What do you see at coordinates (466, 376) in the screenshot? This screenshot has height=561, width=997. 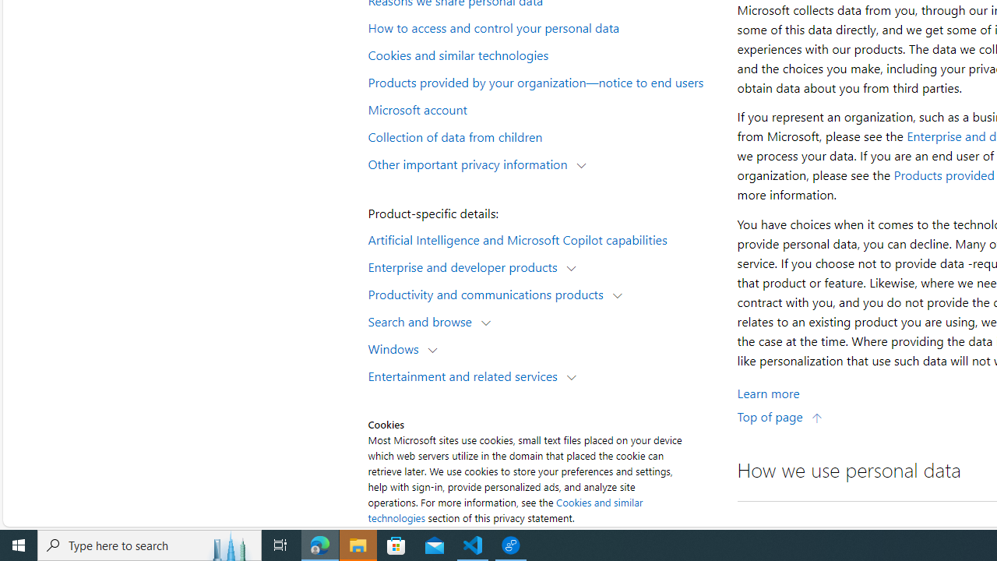 I see `'Entertainment and related services'` at bounding box center [466, 376].